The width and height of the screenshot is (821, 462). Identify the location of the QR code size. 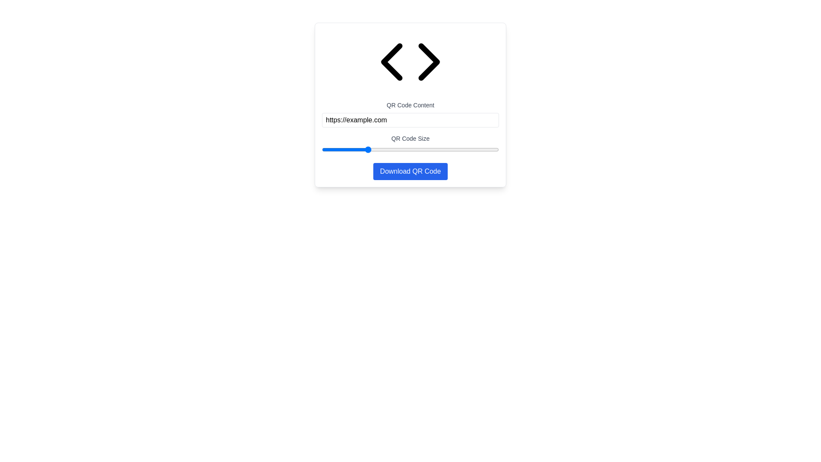
(457, 149).